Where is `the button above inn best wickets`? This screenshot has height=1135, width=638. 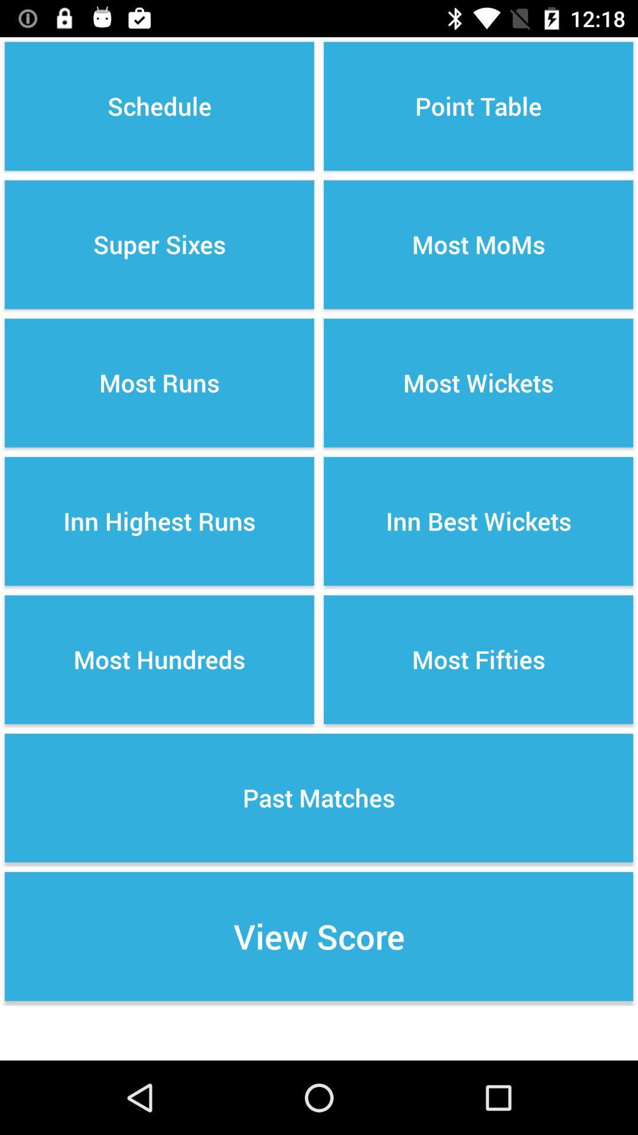 the button above inn best wickets is located at coordinates (479, 383).